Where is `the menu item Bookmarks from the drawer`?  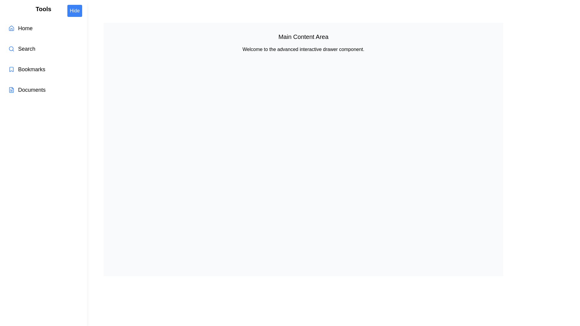
the menu item Bookmarks from the drawer is located at coordinates (43, 69).